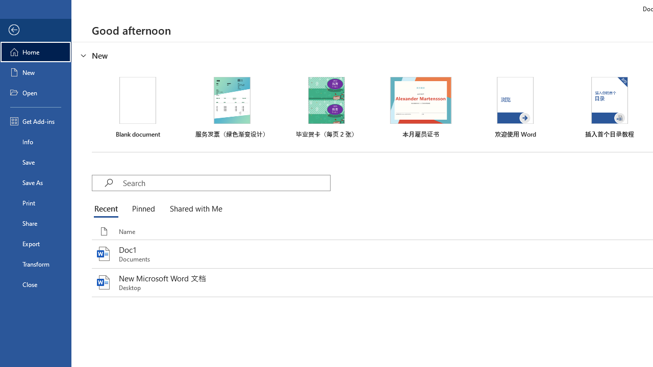 The image size is (653, 367). What do you see at coordinates (35, 223) in the screenshot?
I see `'Share'` at bounding box center [35, 223].